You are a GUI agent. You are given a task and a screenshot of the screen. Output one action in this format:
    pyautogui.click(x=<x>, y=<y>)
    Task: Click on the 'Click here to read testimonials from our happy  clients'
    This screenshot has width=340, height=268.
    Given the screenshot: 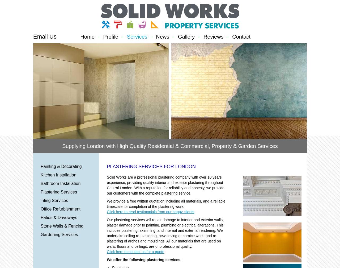 What is the action you would take?
    pyautogui.click(x=107, y=212)
    